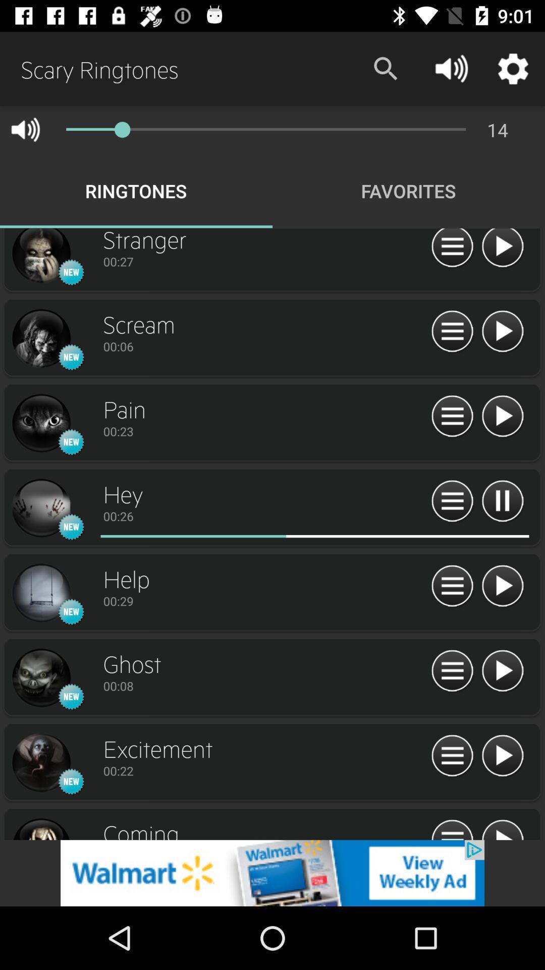  What do you see at coordinates (452, 587) in the screenshot?
I see `open the sub-menu for this ringtone` at bounding box center [452, 587].